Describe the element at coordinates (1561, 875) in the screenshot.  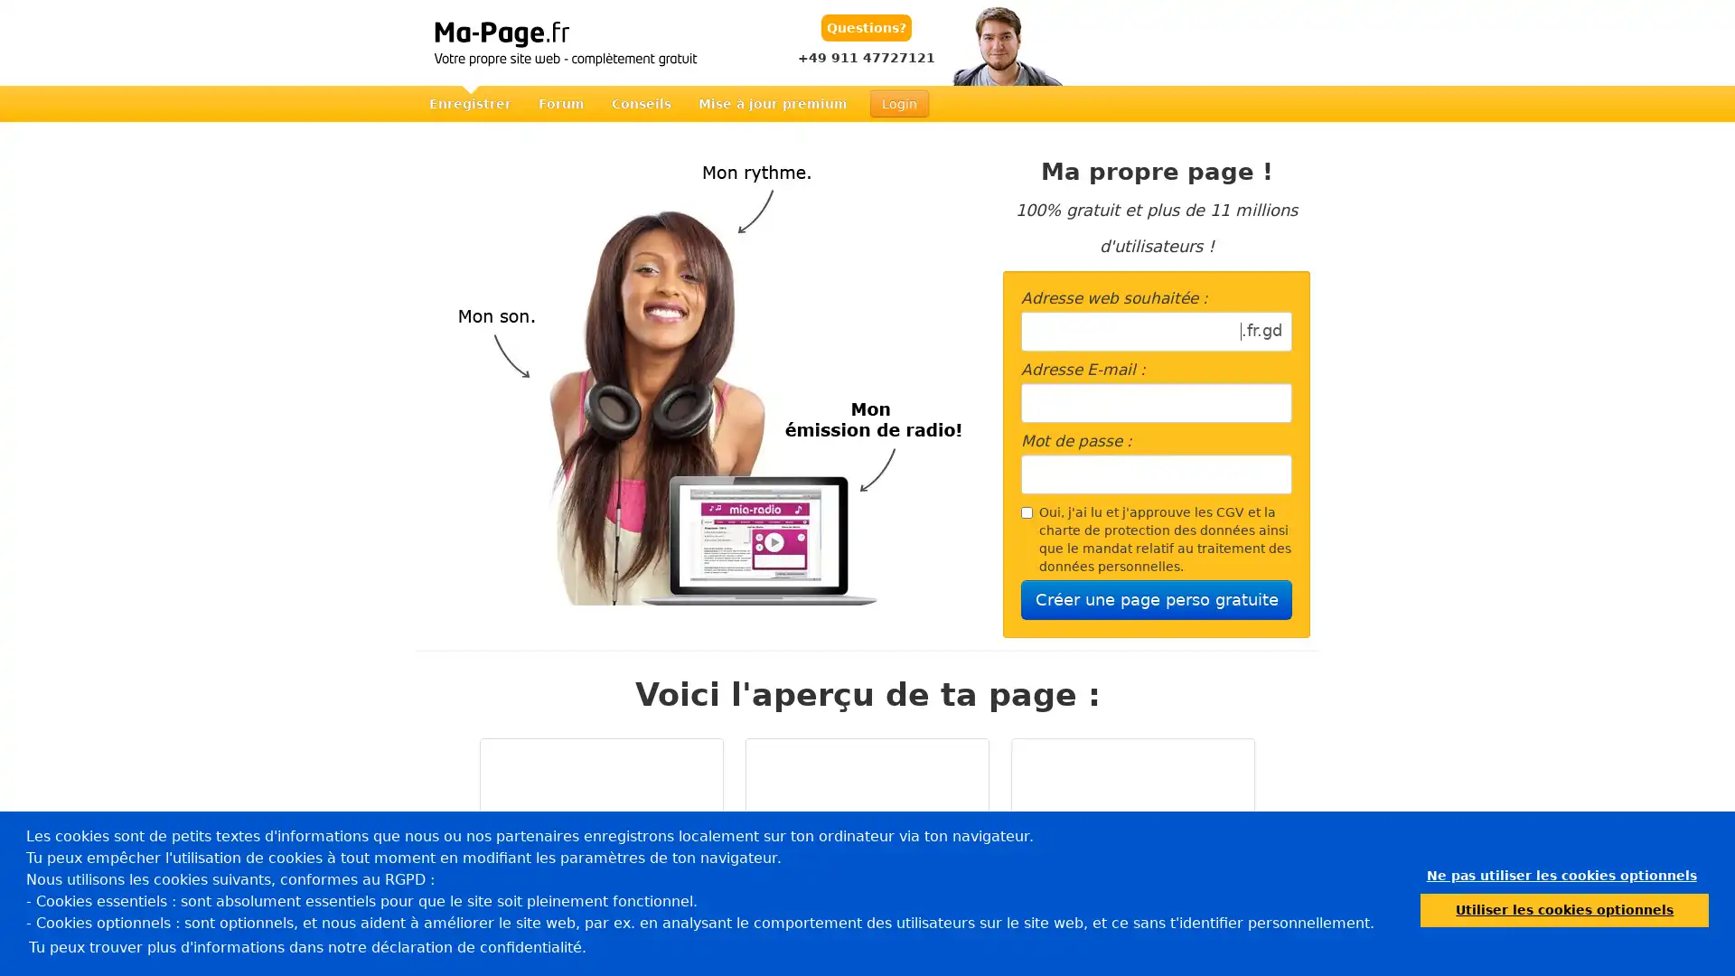
I see `dismiss cookie message` at that location.